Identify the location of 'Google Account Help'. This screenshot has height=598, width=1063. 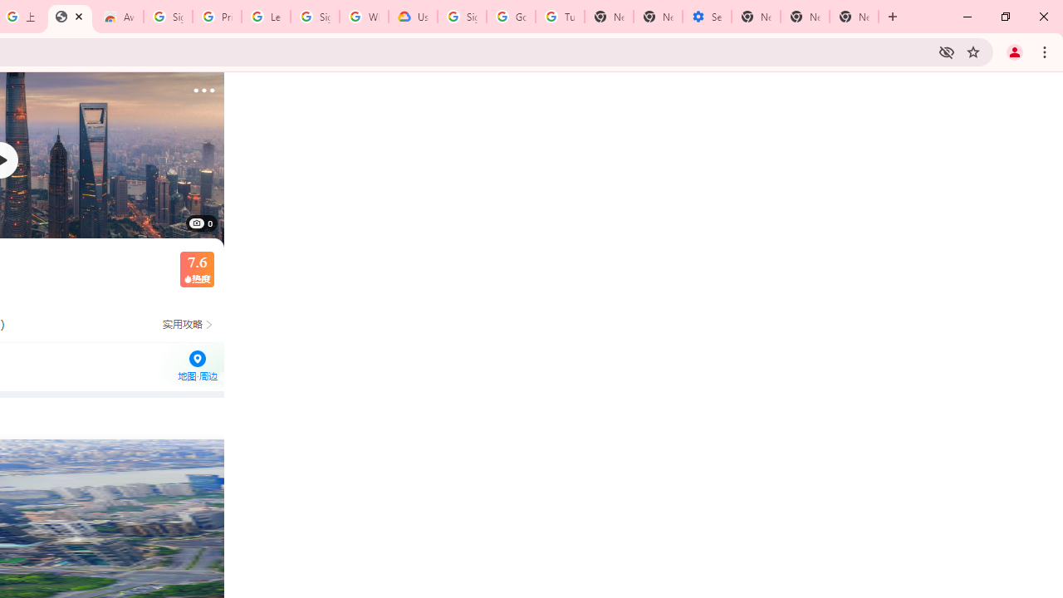
(510, 17).